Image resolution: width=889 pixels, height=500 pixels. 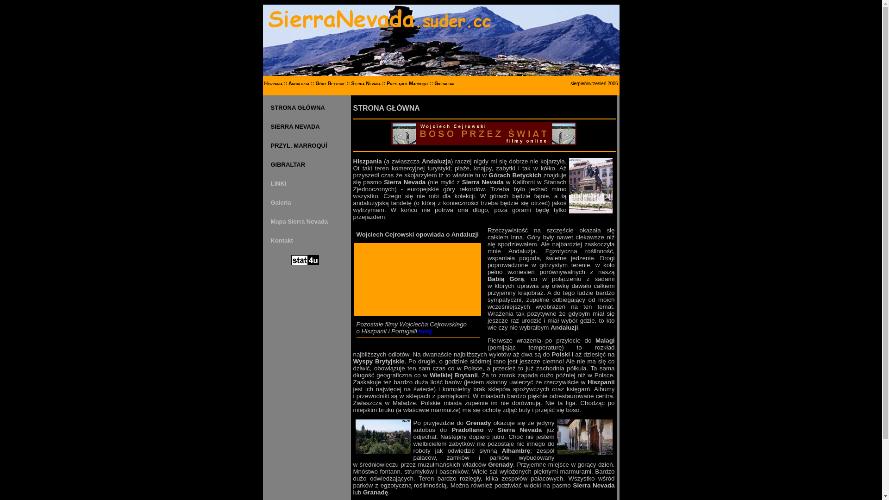 I want to click on 'LINKI', so click(x=277, y=183).